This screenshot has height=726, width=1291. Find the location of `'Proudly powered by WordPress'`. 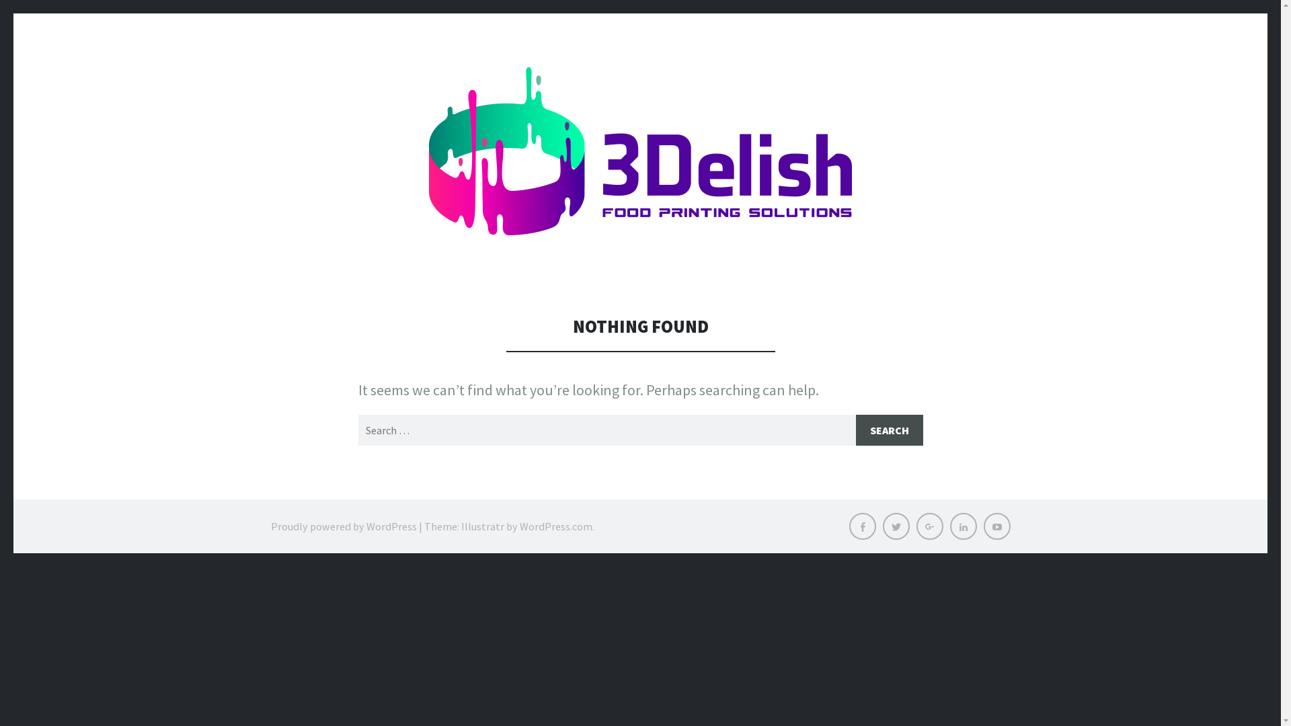

'Proudly powered by WordPress' is located at coordinates (343, 526).